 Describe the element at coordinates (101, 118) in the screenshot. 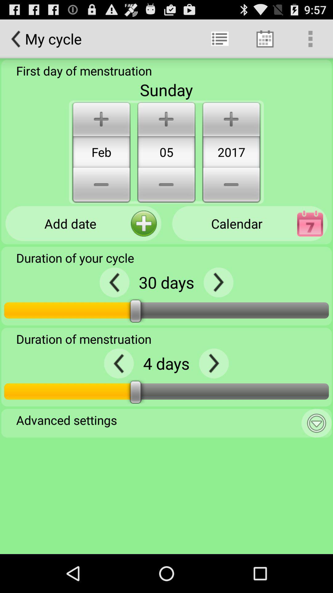

I see `the  button above the option feb on the web page` at that location.